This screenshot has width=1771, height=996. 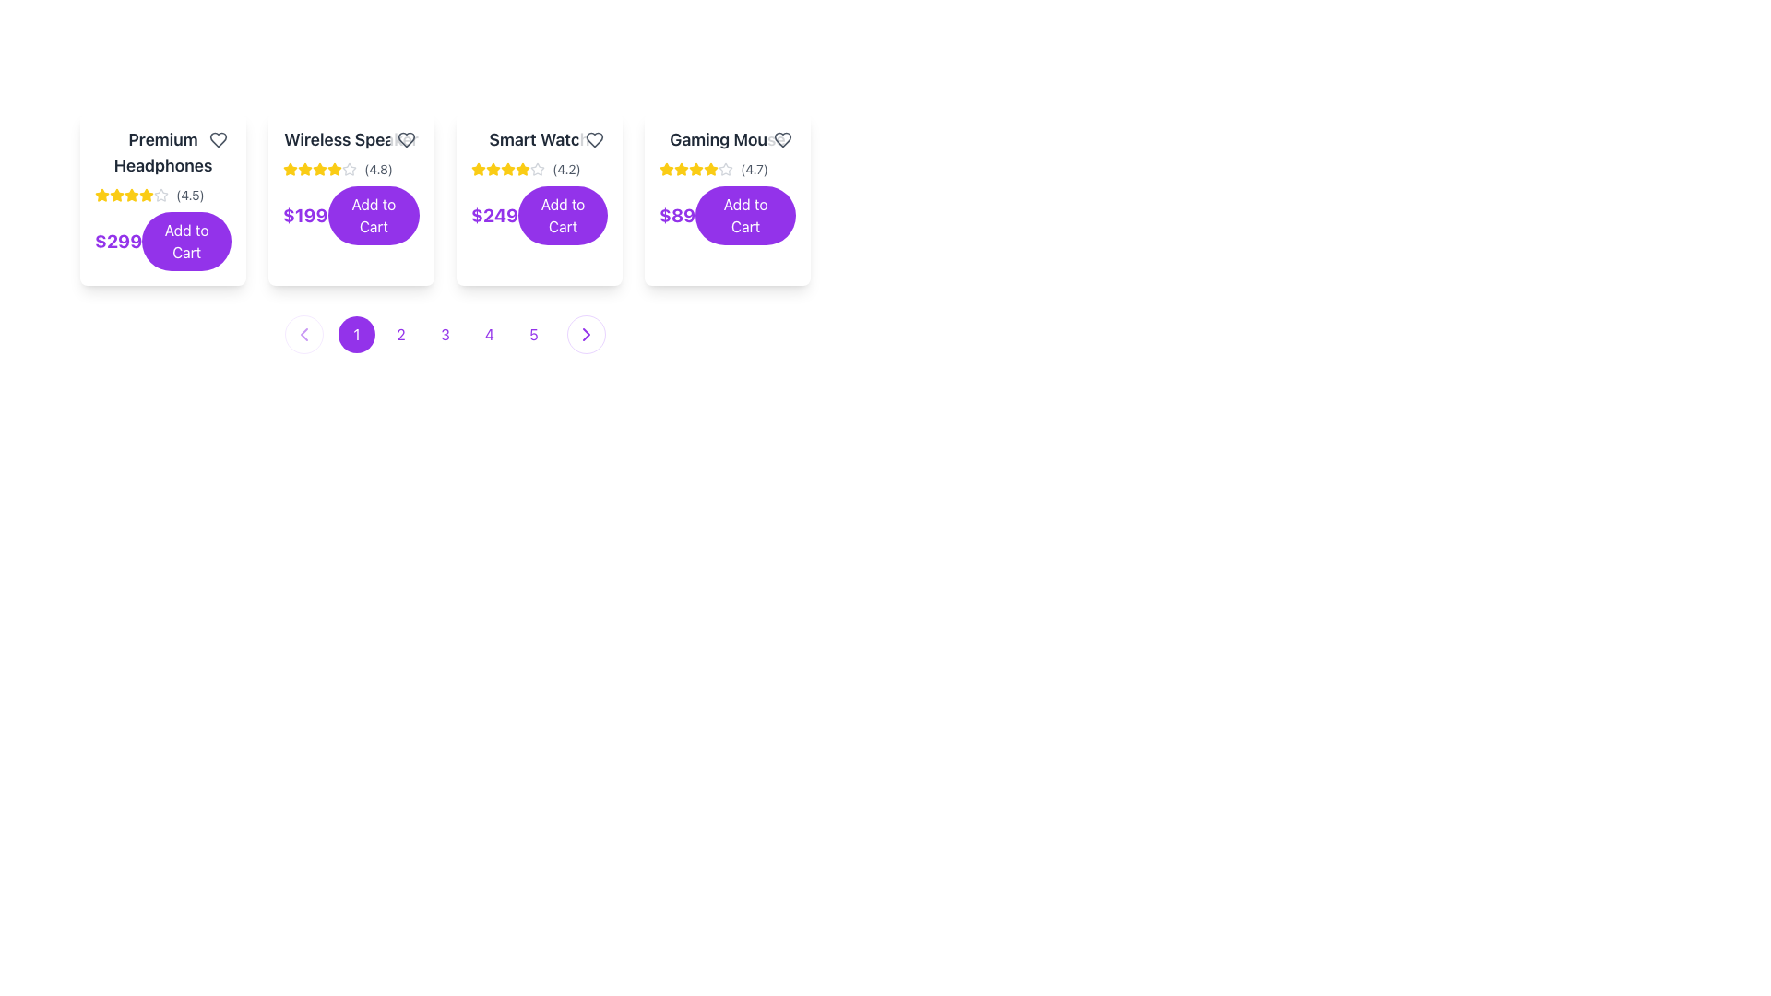 I want to click on the text label displaying 'Smart Watch' in bold black font located at the top of the third product card from the left, so click(x=539, y=138).